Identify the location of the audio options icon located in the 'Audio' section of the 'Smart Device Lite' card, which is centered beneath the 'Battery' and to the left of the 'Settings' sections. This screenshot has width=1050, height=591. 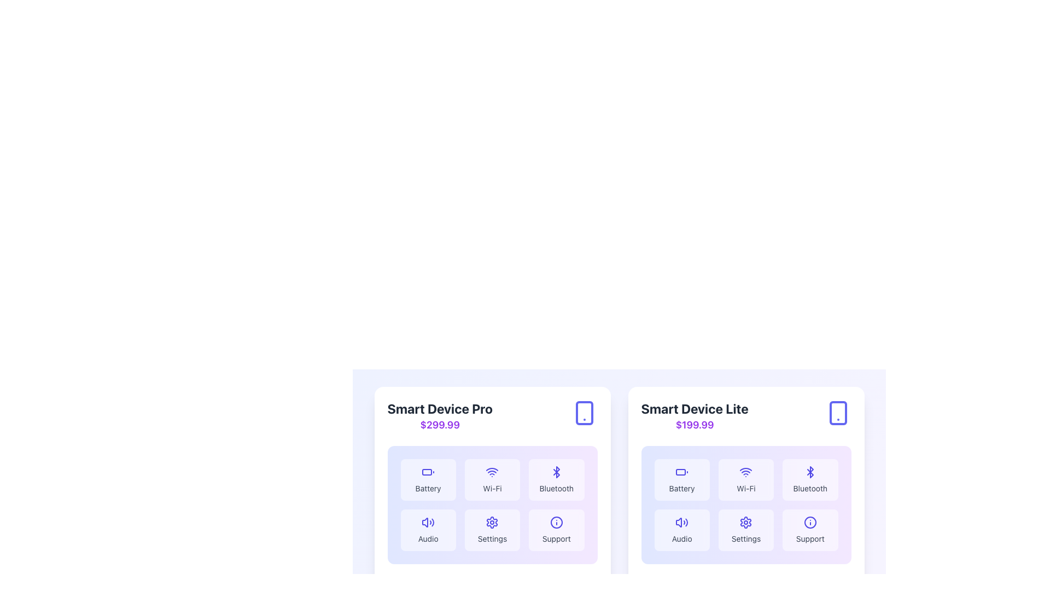
(681, 522).